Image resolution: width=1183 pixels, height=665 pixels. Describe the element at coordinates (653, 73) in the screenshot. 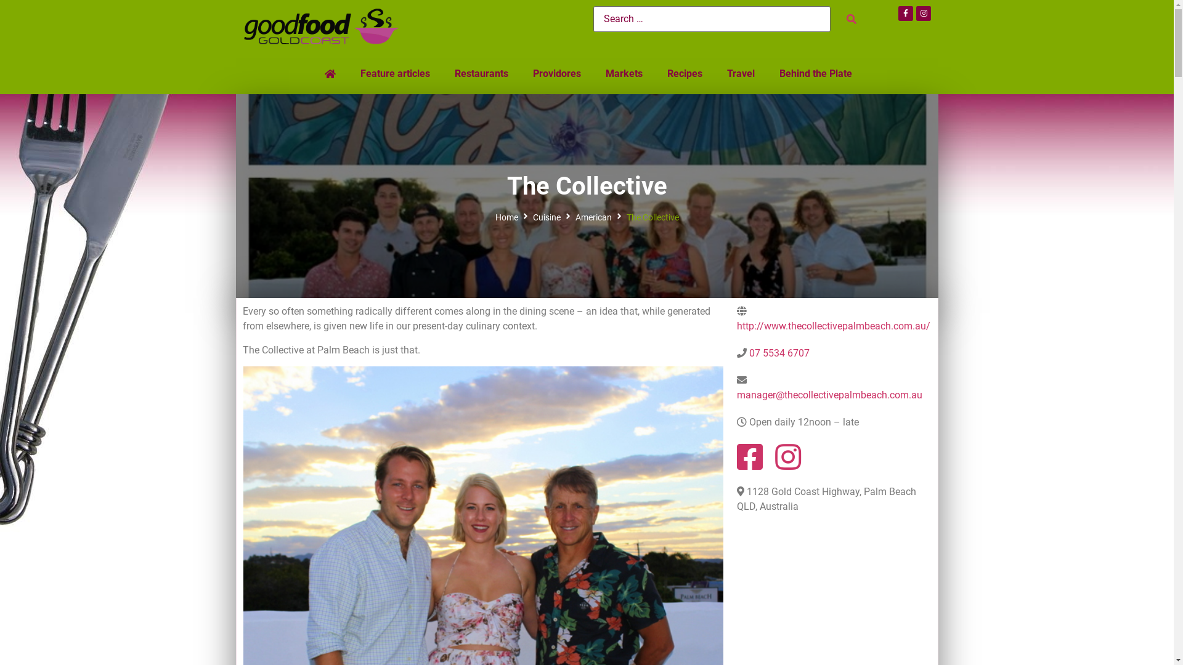

I see `'Recipes'` at that location.